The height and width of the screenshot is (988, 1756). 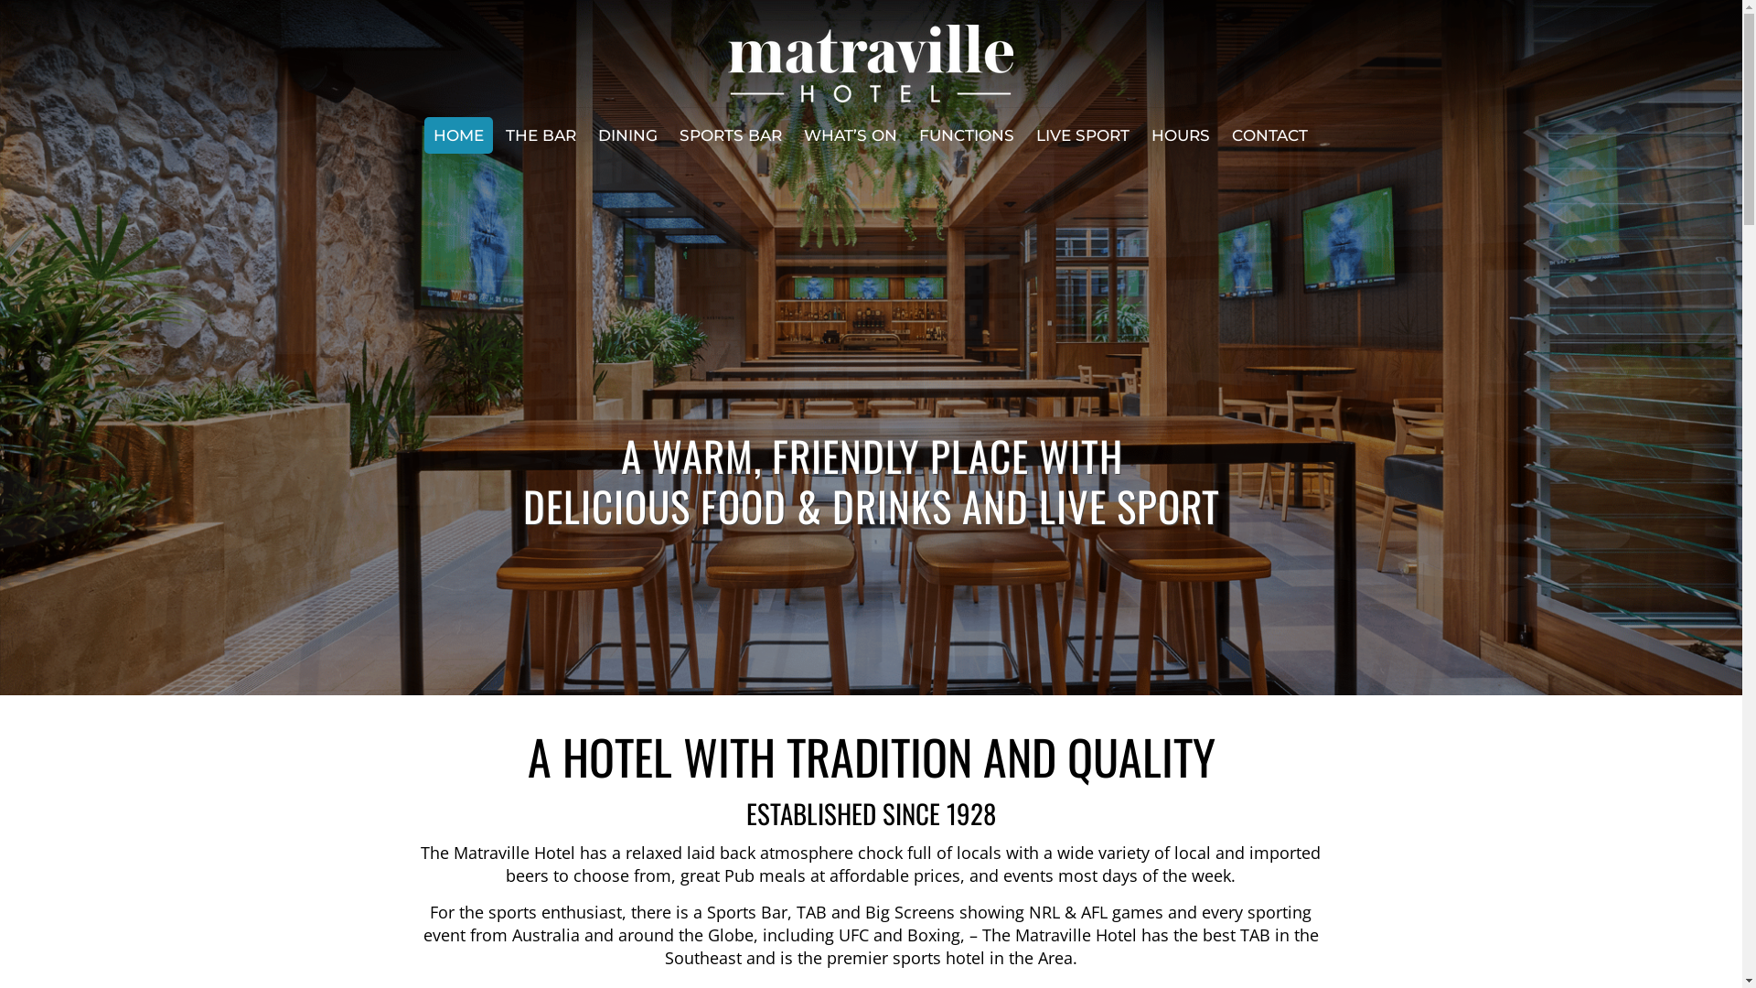 What do you see at coordinates (869, 52) in the screenshot?
I see `'Matraville Hotel'` at bounding box center [869, 52].